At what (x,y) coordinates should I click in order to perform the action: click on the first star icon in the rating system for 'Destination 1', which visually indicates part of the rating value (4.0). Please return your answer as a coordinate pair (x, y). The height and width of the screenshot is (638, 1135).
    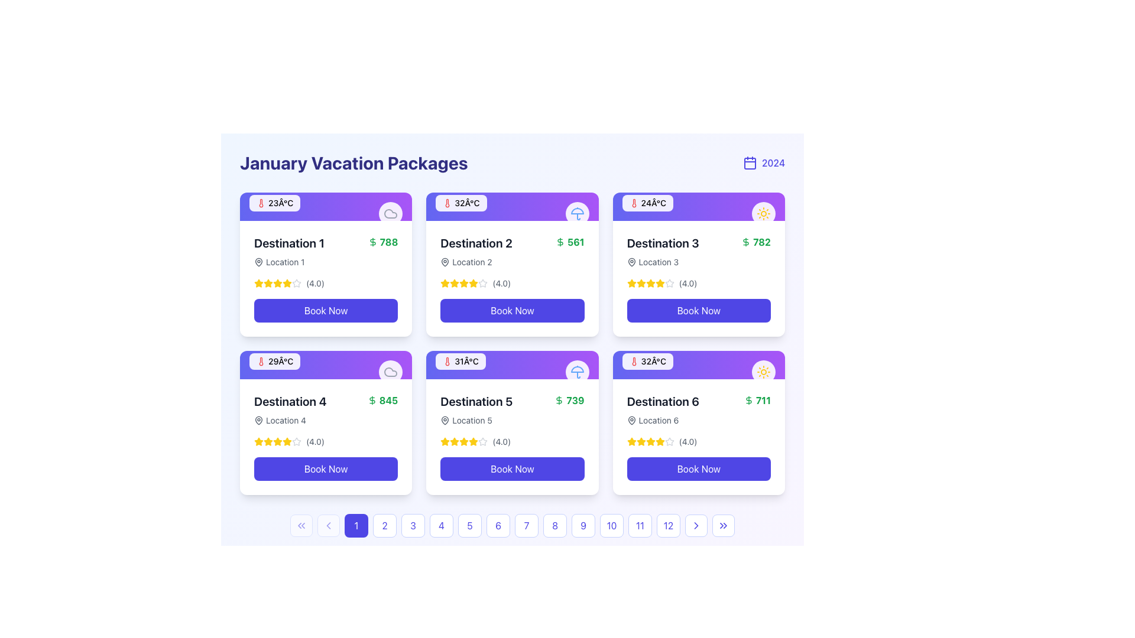
    Looking at the image, I should click on (258, 283).